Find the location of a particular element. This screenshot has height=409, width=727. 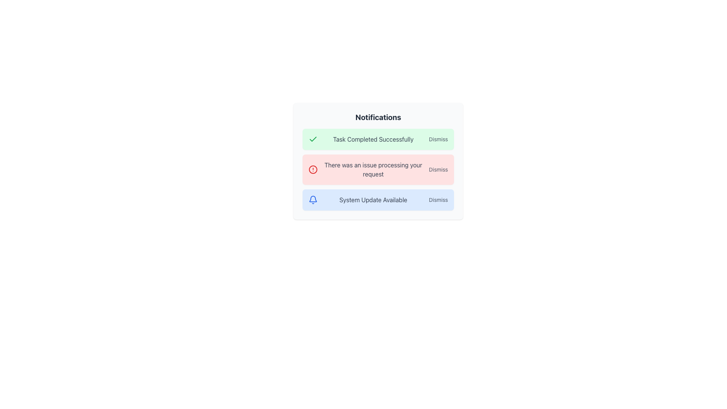

the notification message indicating a system update, which is positioned near the center of the third notification panel, to the right of the bell icon and to the left of the 'Dismiss' button is located at coordinates (373, 200).